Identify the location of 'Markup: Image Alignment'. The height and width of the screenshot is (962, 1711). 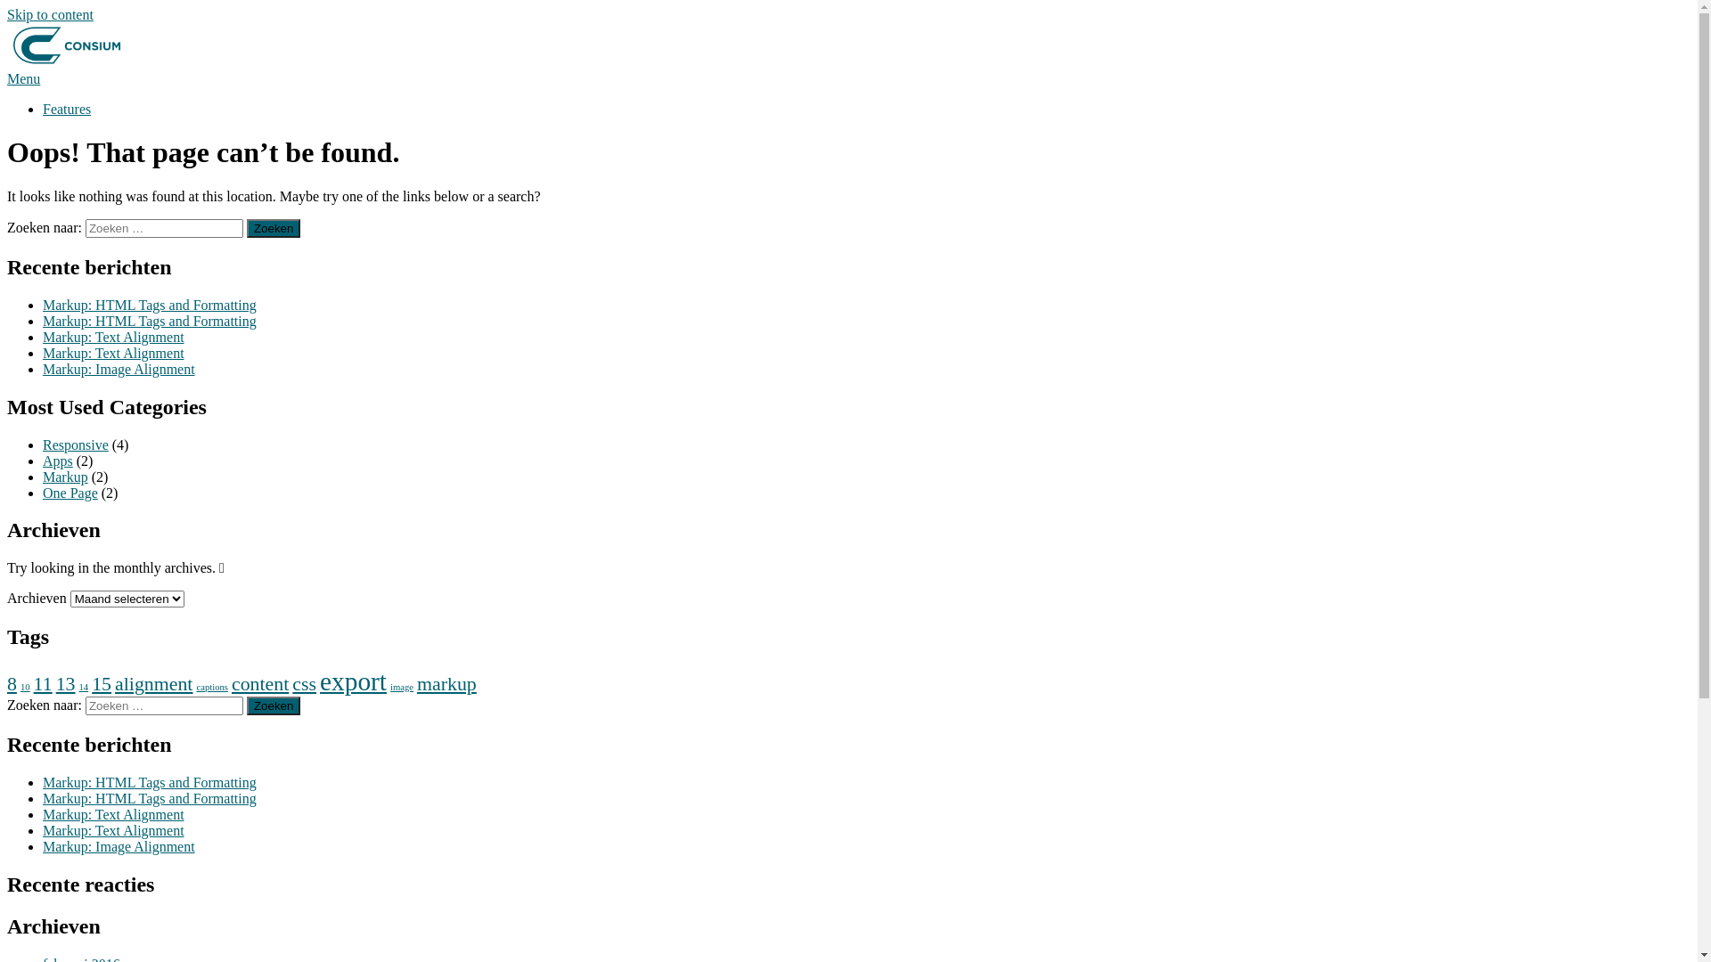
(118, 845).